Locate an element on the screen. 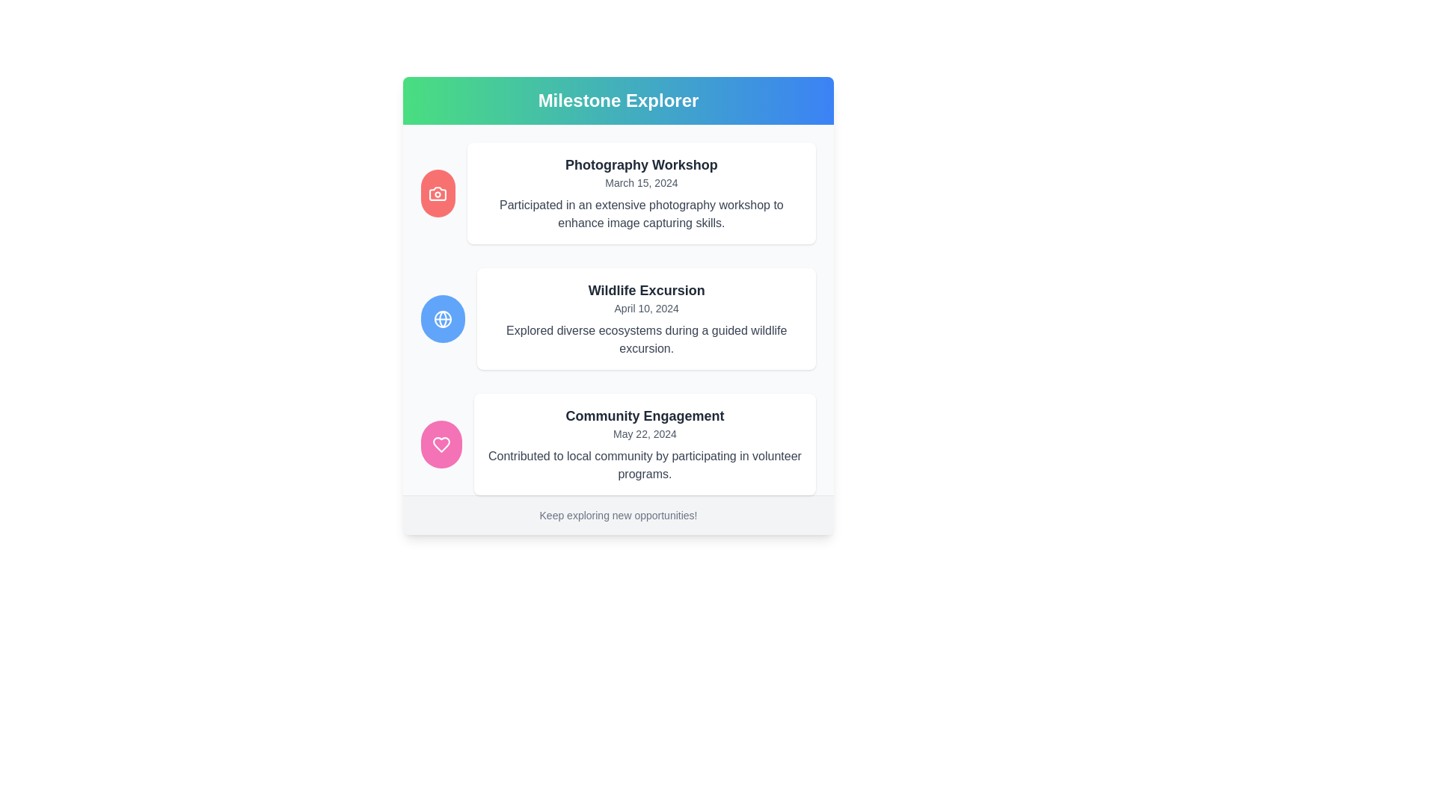 Image resolution: width=1436 pixels, height=807 pixels. the 'Community Engagement' graphical icon represented by a heart symbol, which is located to the left of the 'Community Engagement' section is located at coordinates (441, 443).